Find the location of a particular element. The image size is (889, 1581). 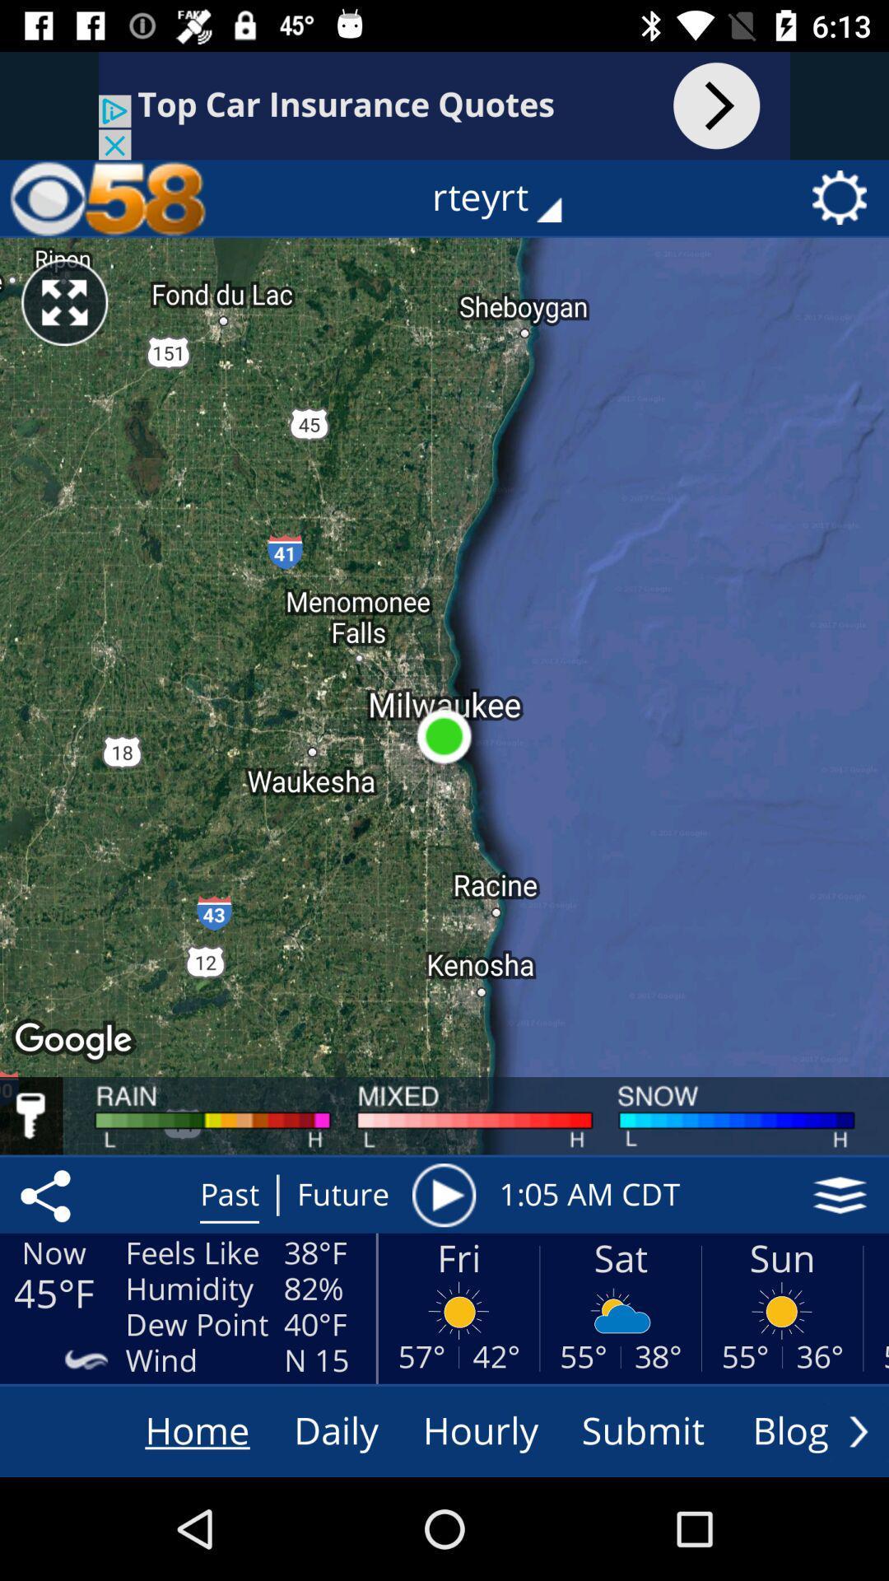

the icon next to the 1 05 am item is located at coordinates (443, 1195).